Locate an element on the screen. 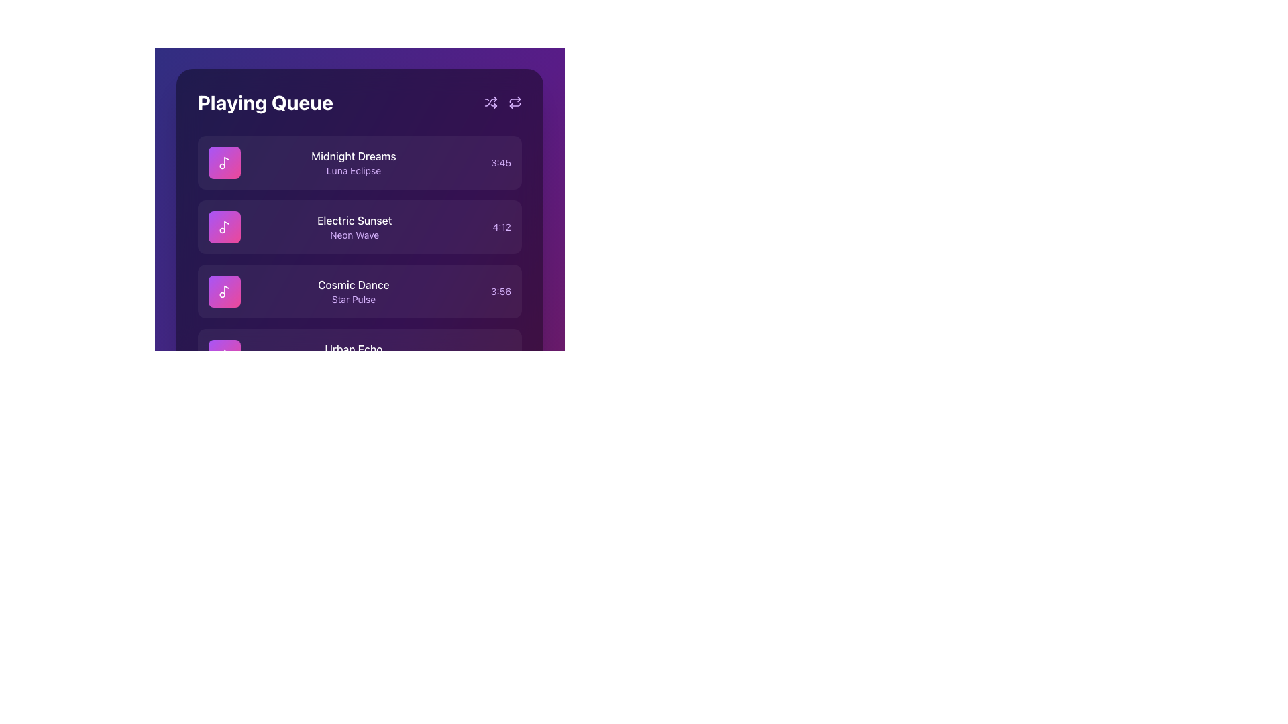  the text label displaying 'Luna Eclipse', which is styled in a smaller purple font and positioned beneath 'Midnight Dreams' in the first item of the track list is located at coordinates (354, 170).